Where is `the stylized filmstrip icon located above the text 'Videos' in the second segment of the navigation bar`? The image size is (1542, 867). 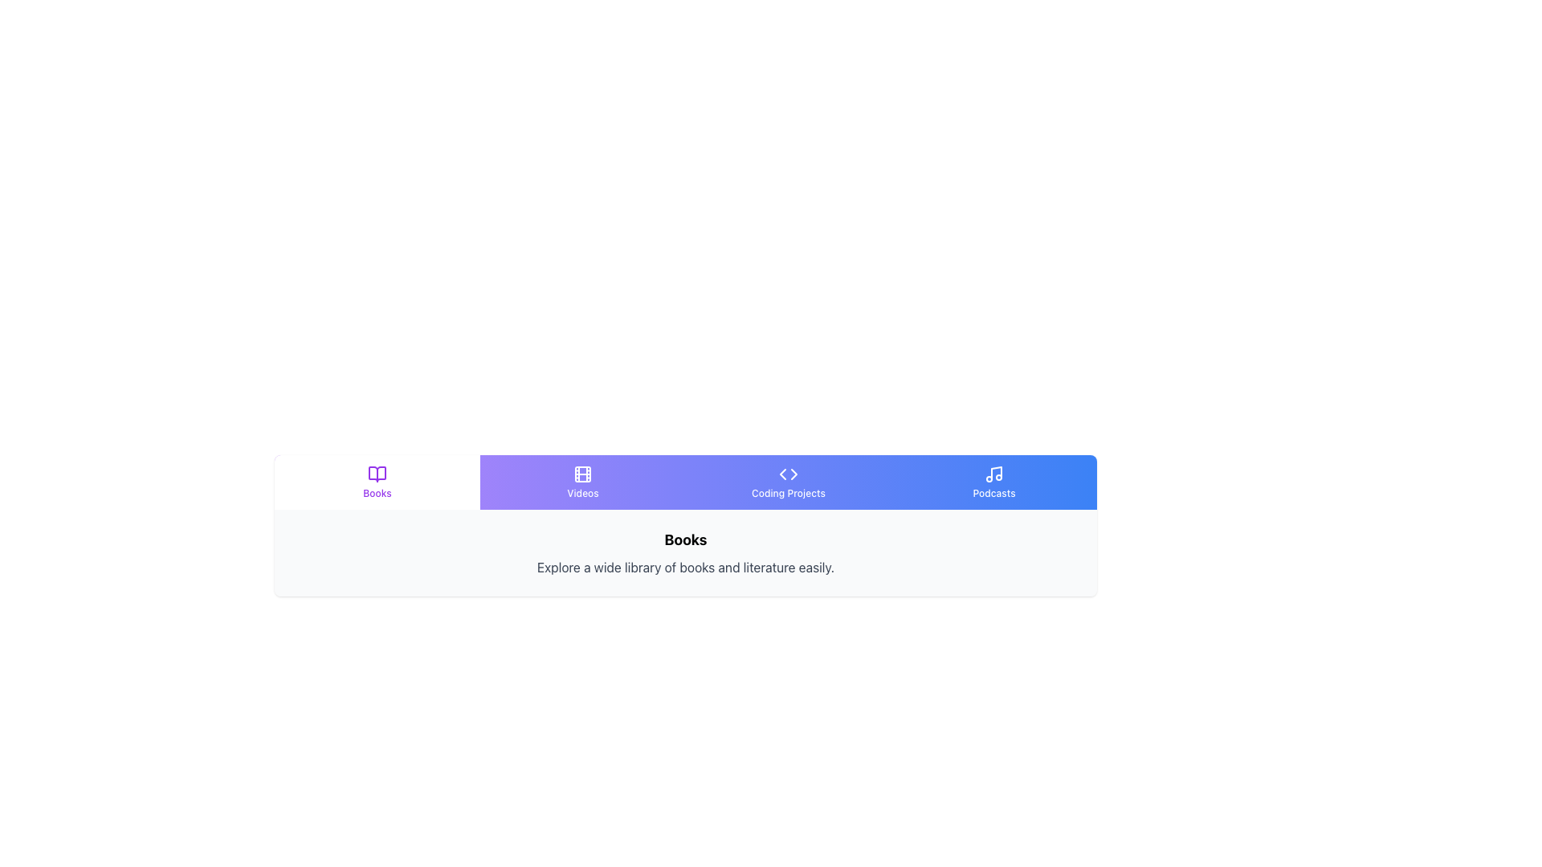 the stylized filmstrip icon located above the text 'Videos' in the second segment of the navigation bar is located at coordinates (581, 473).